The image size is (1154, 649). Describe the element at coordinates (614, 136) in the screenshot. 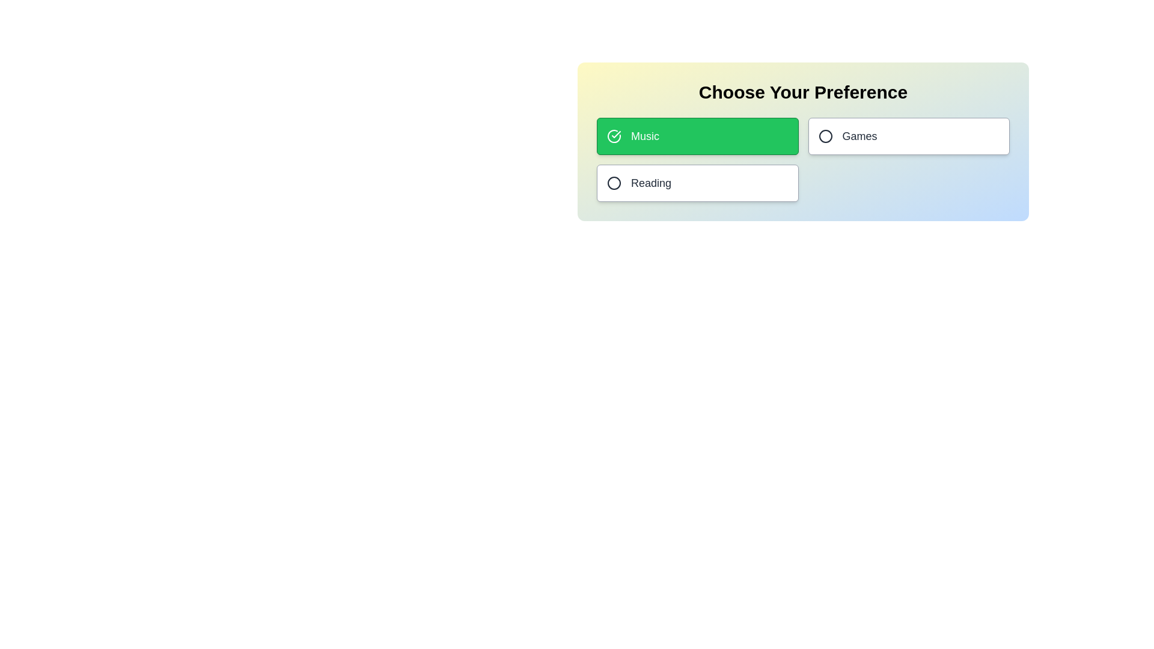

I see `the green circular icon with a white check mark inside, located to the left of the 'Music' text in the green button labeled 'Music'` at that location.